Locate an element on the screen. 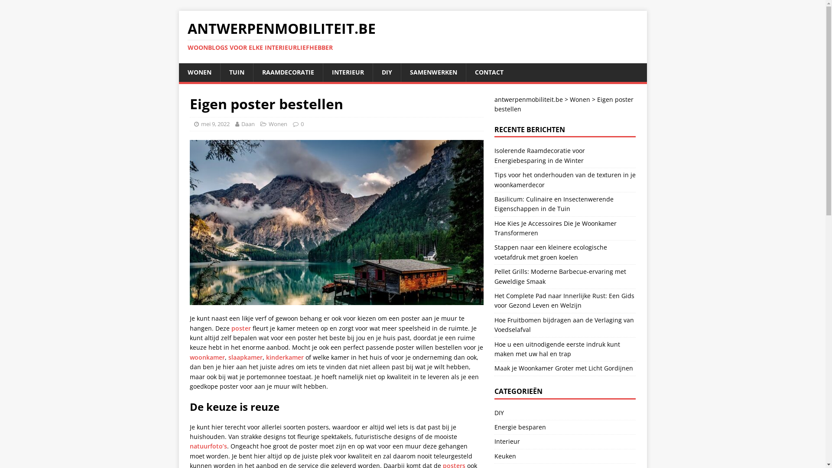 This screenshot has width=832, height=468. 'DIY' is located at coordinates (372, 71).